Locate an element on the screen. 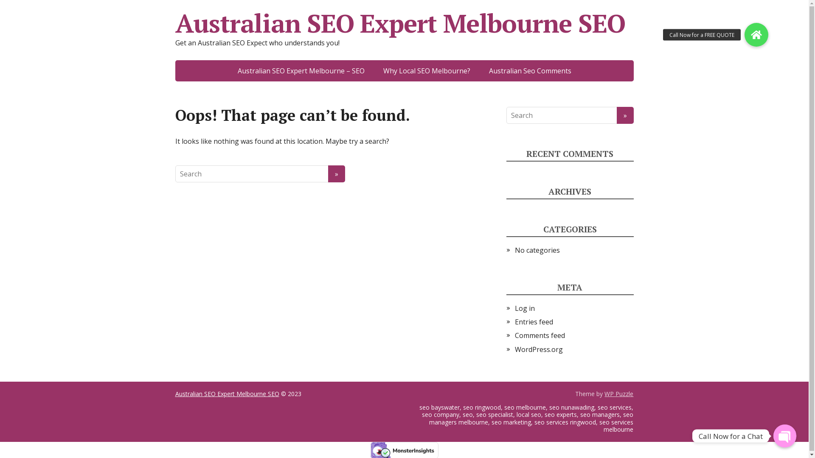  'WordPress.org' is located at coordinates (538, 349).